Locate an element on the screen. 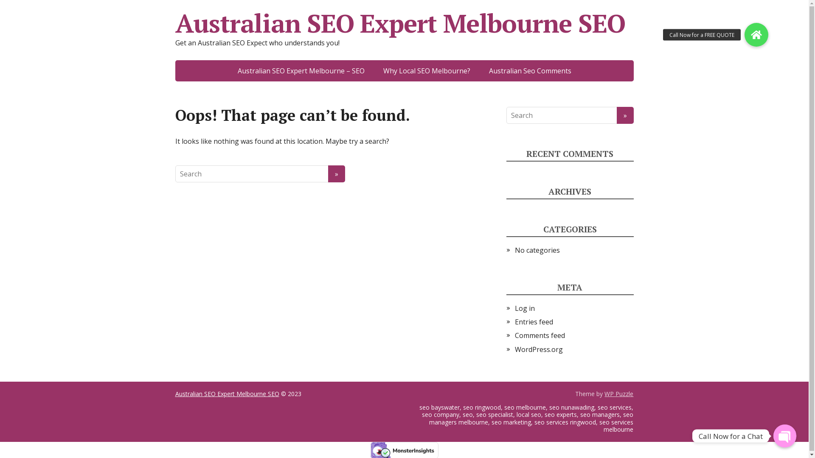  'WordPress.org' is located at coordinates (538, 349).